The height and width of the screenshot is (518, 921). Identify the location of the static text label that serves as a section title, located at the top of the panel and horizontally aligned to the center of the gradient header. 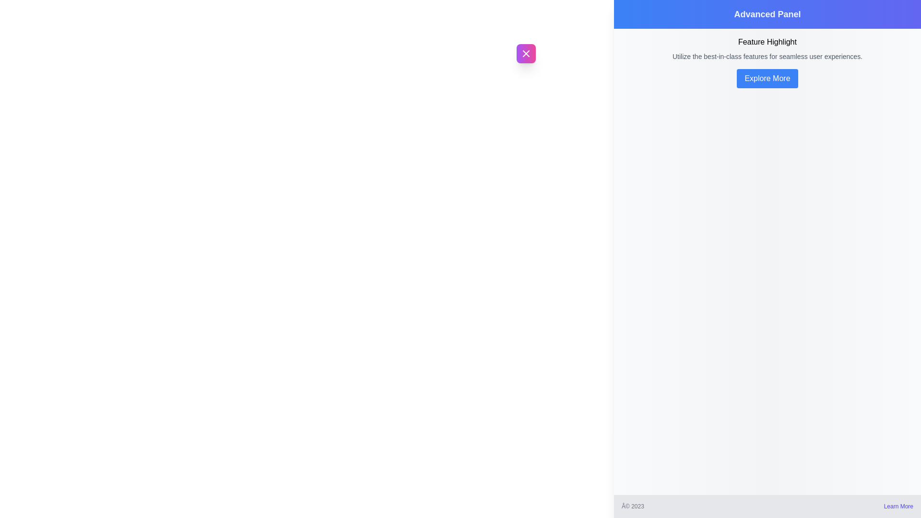
(767, 14).